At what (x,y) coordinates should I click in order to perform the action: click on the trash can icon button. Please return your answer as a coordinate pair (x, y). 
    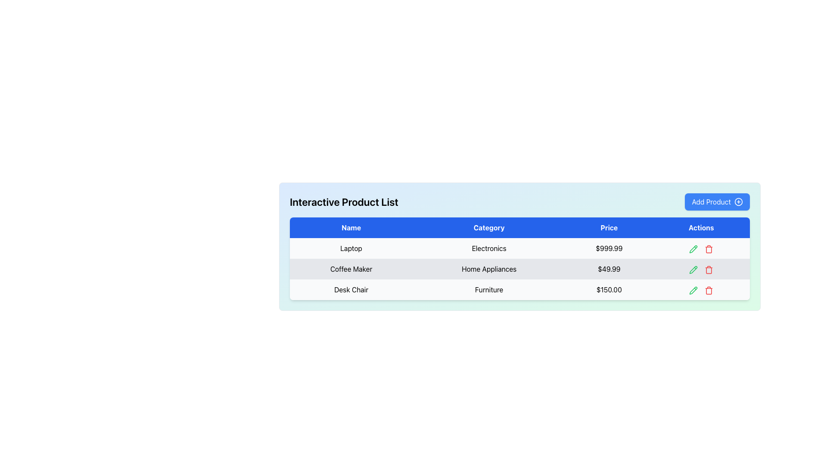
    Looking at the image, I should click on (709, 290).